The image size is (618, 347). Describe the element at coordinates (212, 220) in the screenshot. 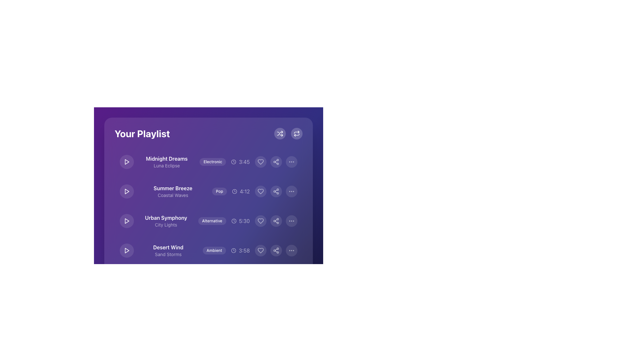

I see `the 'Alternative' label button, which is a small rounded rectangle with a light transparent background and white text, located in the 'Urban Symphony' playlist entry` at that location.